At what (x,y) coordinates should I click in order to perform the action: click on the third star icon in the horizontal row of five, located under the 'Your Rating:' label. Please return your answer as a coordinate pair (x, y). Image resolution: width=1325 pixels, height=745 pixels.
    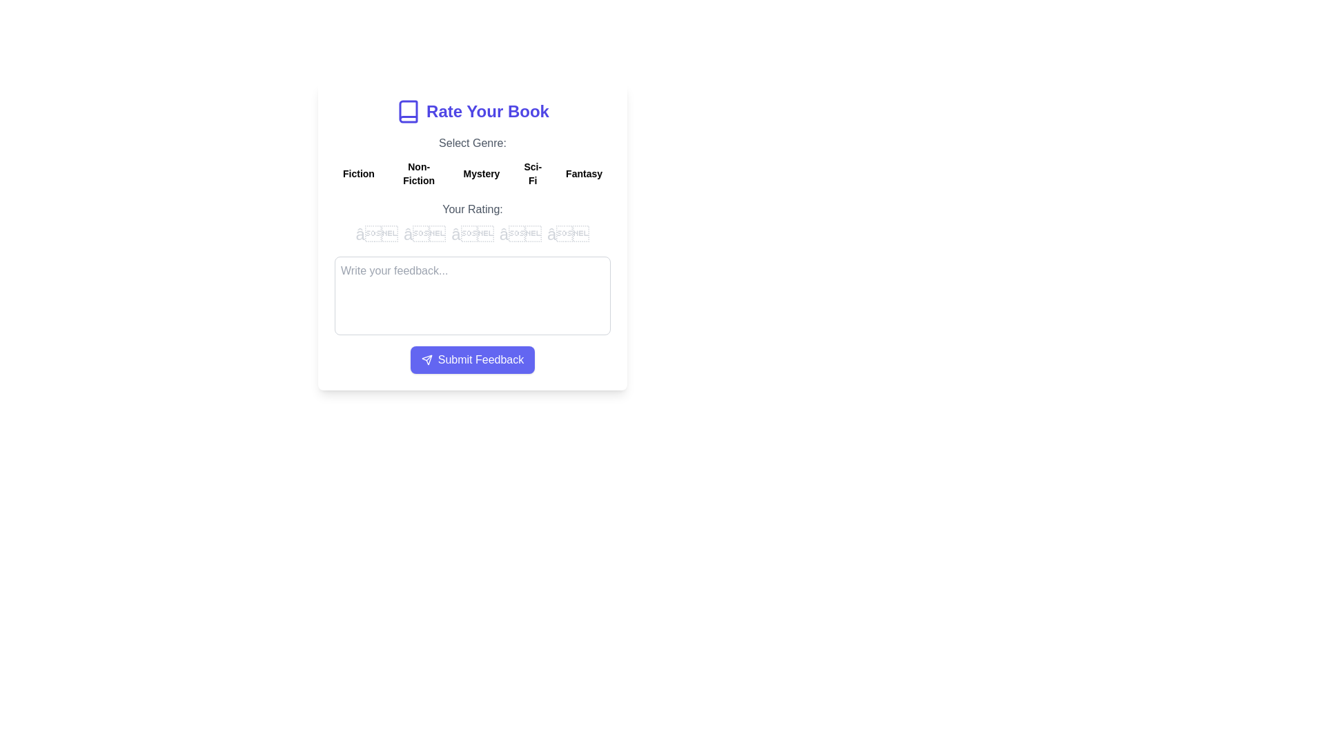
    Looking at the image, I should click on (473, 233).